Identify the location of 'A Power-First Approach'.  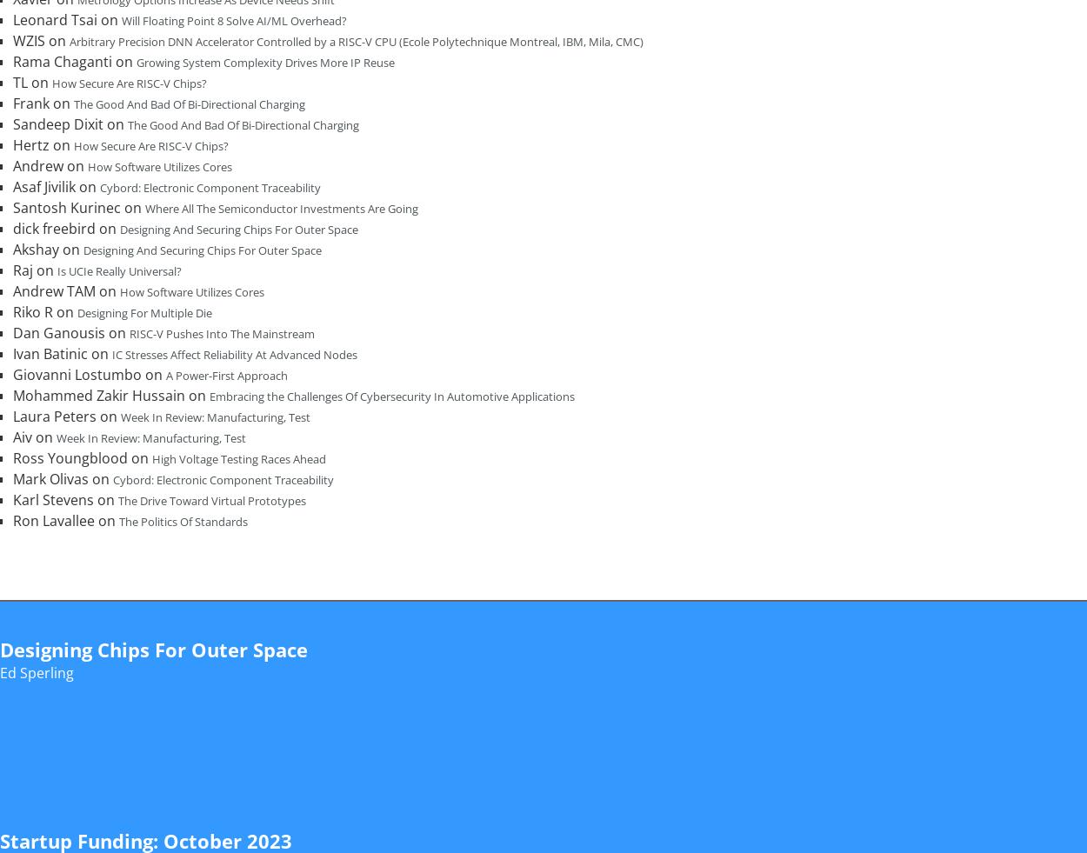
(227, 375).